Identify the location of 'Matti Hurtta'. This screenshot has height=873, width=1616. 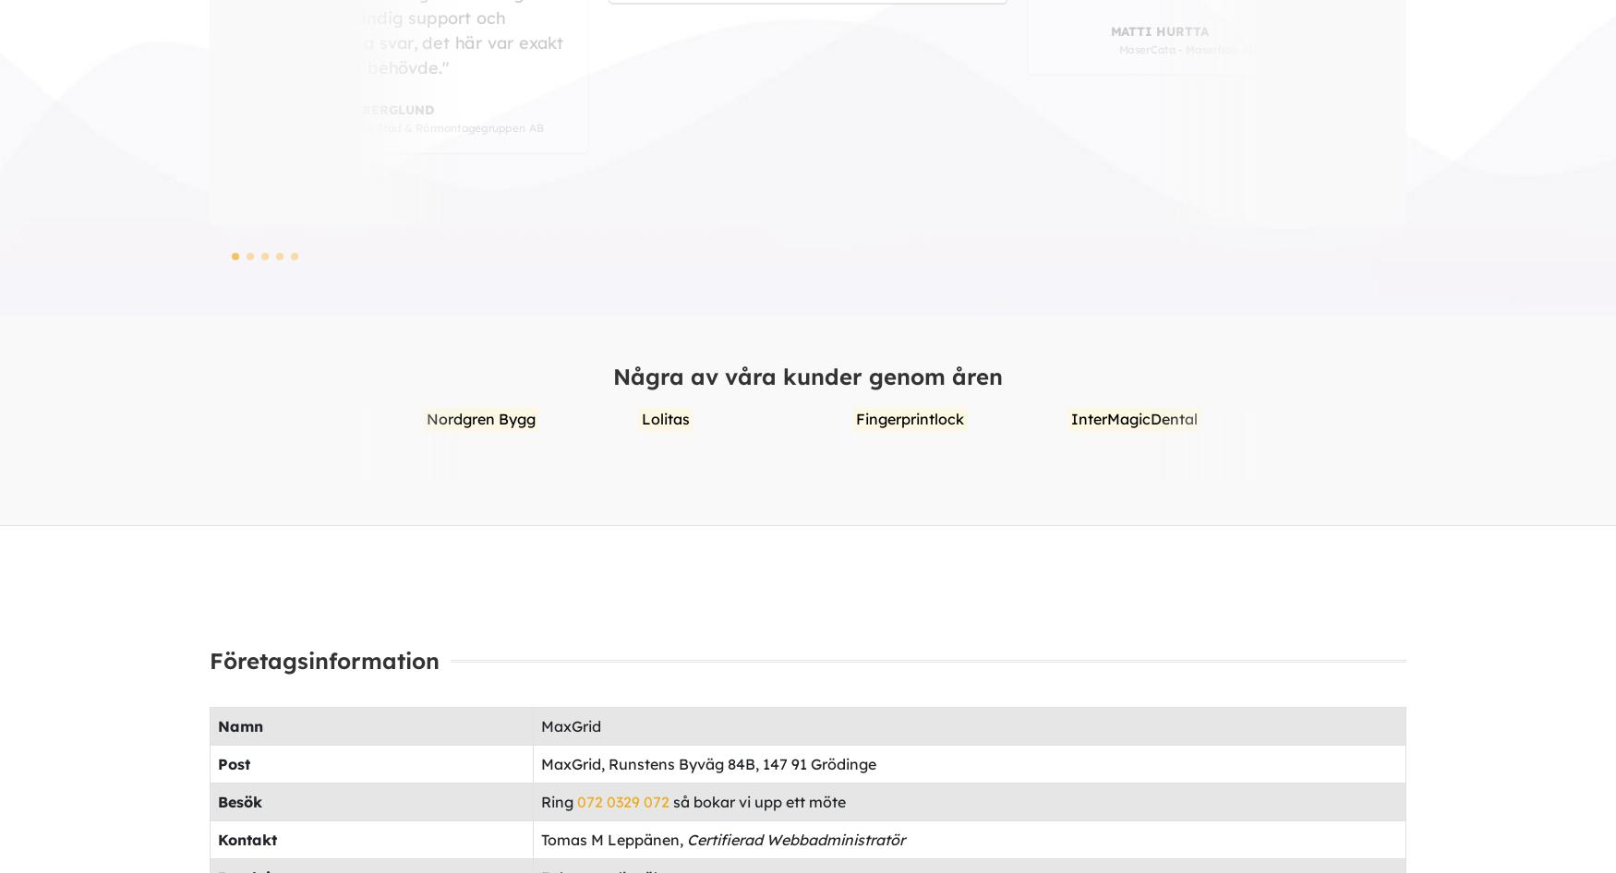
(790, 38).